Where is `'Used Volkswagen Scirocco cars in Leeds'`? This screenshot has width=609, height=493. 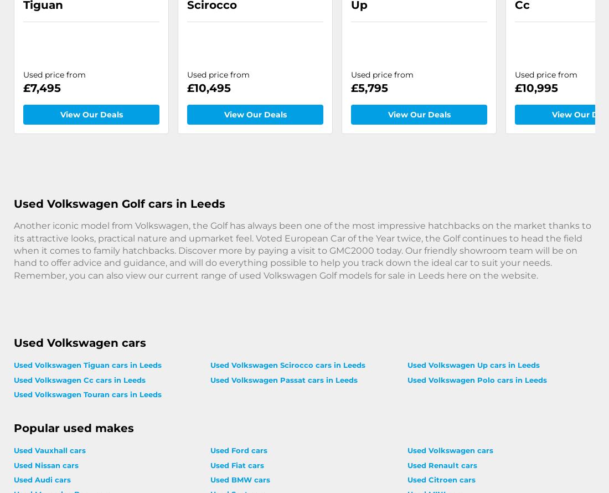 'Used Volkswagen Scirocco cars in Leeds' is located at coordinates (287, 364).